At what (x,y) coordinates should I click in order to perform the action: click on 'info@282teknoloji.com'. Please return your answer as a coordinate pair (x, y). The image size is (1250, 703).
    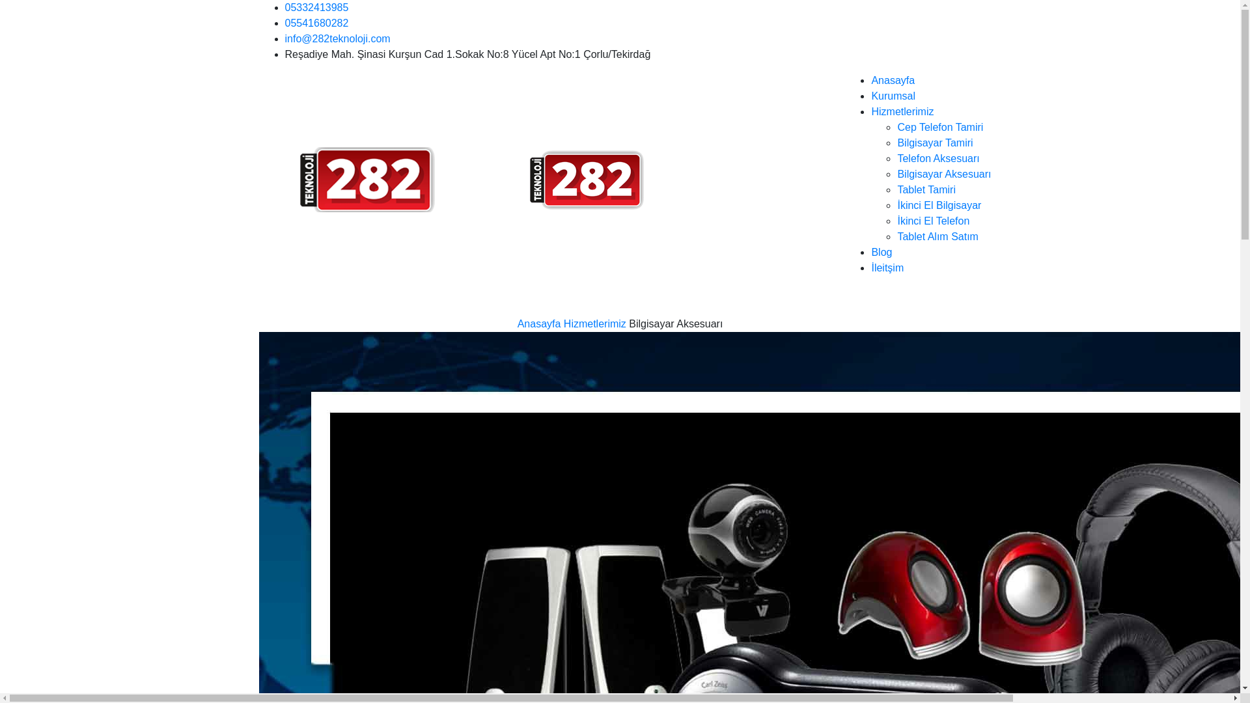
    Looking at the image, I should click on (337, 38).